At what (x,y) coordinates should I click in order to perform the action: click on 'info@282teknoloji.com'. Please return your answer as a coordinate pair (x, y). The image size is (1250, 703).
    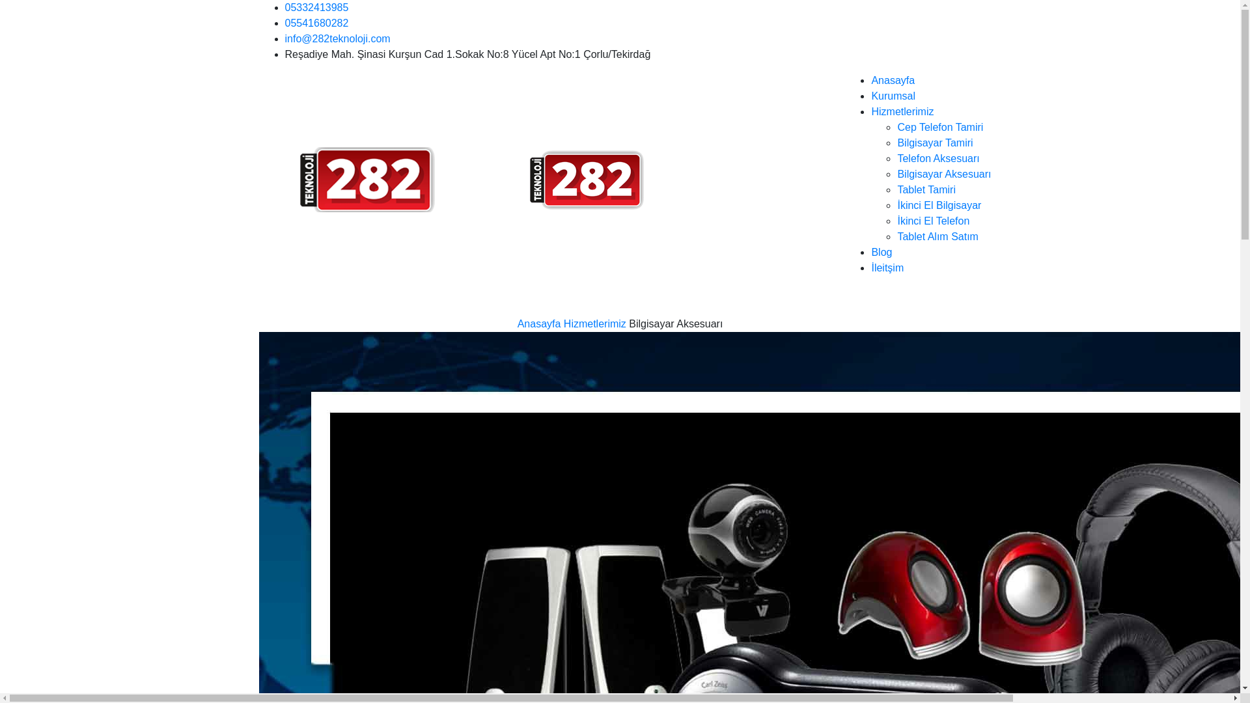
    Looking at the image, I should click on (337, 38).